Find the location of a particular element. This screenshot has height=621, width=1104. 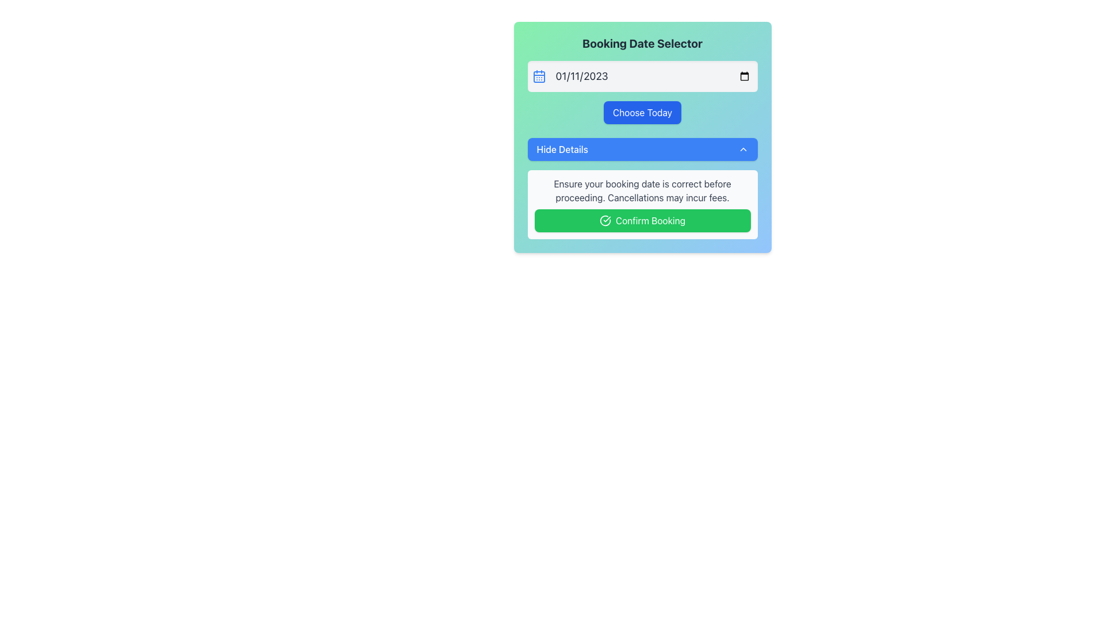

text for booking information from the complex UI element containing a text block and a green 'Confirm Booking' button, located below the 'Hide Details' button is located at coordinates (642, 204).